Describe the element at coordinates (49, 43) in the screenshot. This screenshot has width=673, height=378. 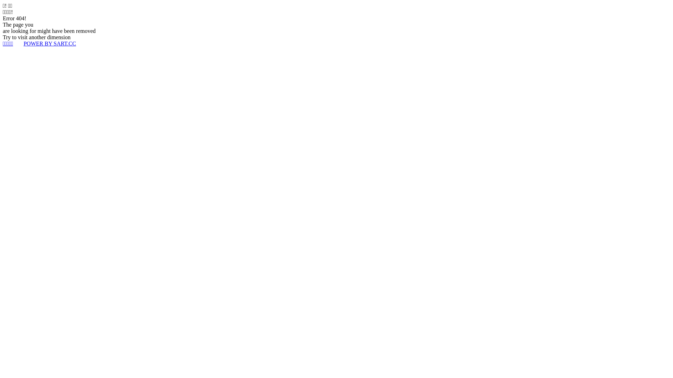
I see `'POWER BY SART.CC'` at that location.